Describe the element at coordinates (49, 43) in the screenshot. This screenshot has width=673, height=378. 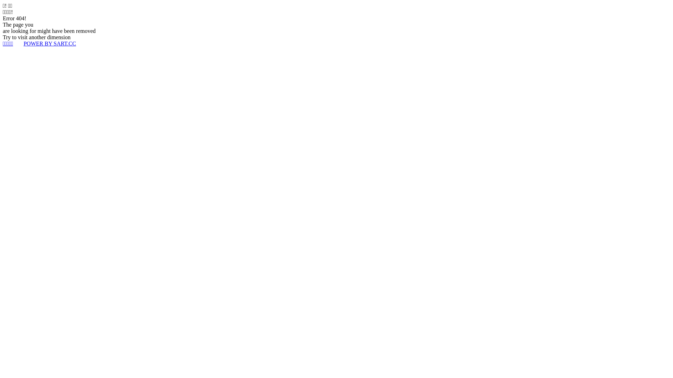
I see `'POWER BY SART.CC'` at that location.